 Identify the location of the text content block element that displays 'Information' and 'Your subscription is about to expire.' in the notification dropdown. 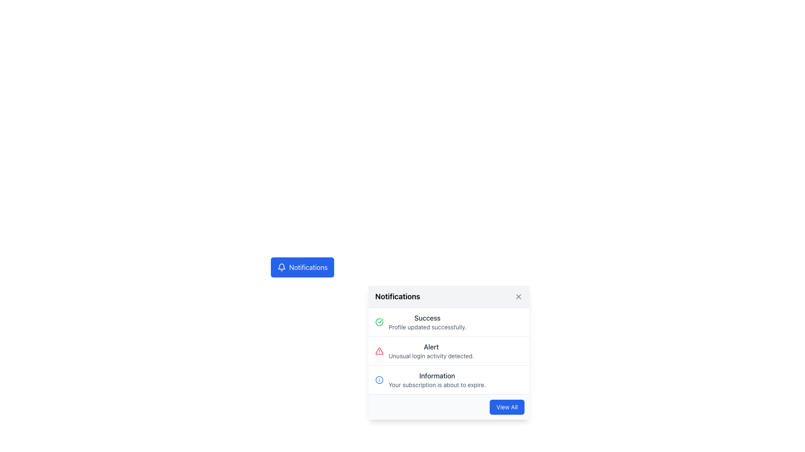
(436, 380).